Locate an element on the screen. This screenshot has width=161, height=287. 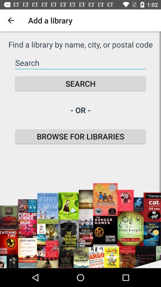
item above the find a library icon is located at coordinates (11, 20).